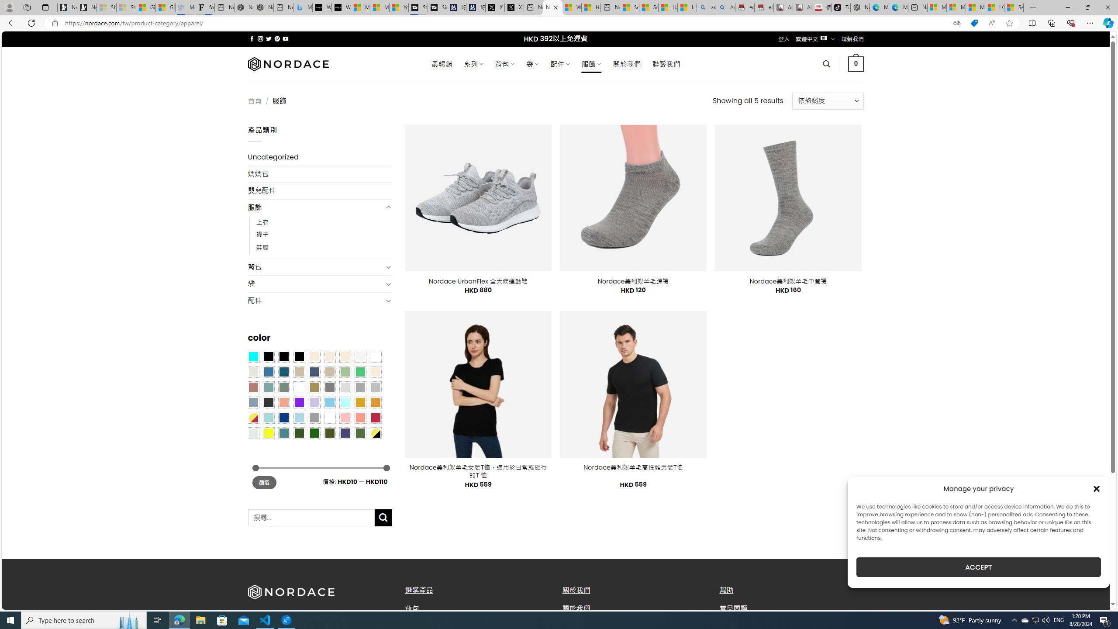 The width and height of the screenshot is (1118, 629). I want to click on 'Amazon Echo Dot PNG - Search Images', so click(725, 7).